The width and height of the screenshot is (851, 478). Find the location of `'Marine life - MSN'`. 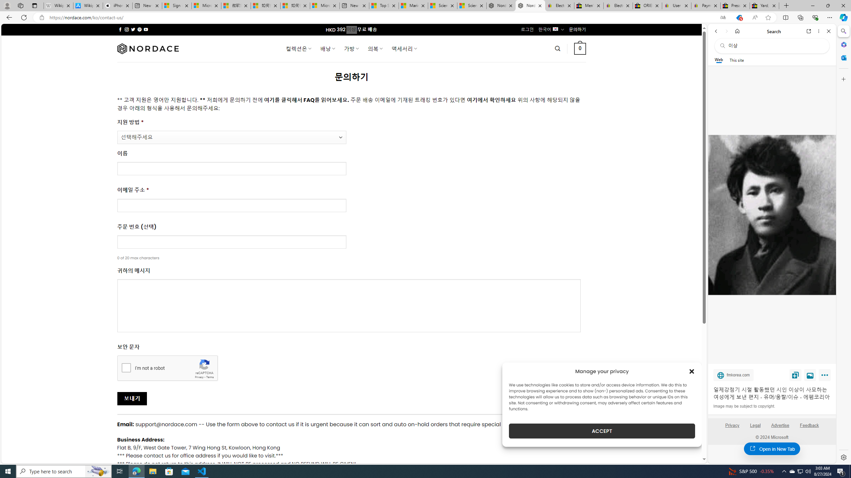

'Marine life - MSN' is located at coordinates (413, 5).